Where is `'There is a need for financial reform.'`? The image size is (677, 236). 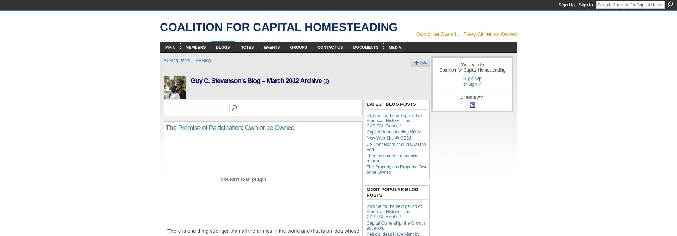
'There is a need for financial reform.' is located at coordinates (393, 158).